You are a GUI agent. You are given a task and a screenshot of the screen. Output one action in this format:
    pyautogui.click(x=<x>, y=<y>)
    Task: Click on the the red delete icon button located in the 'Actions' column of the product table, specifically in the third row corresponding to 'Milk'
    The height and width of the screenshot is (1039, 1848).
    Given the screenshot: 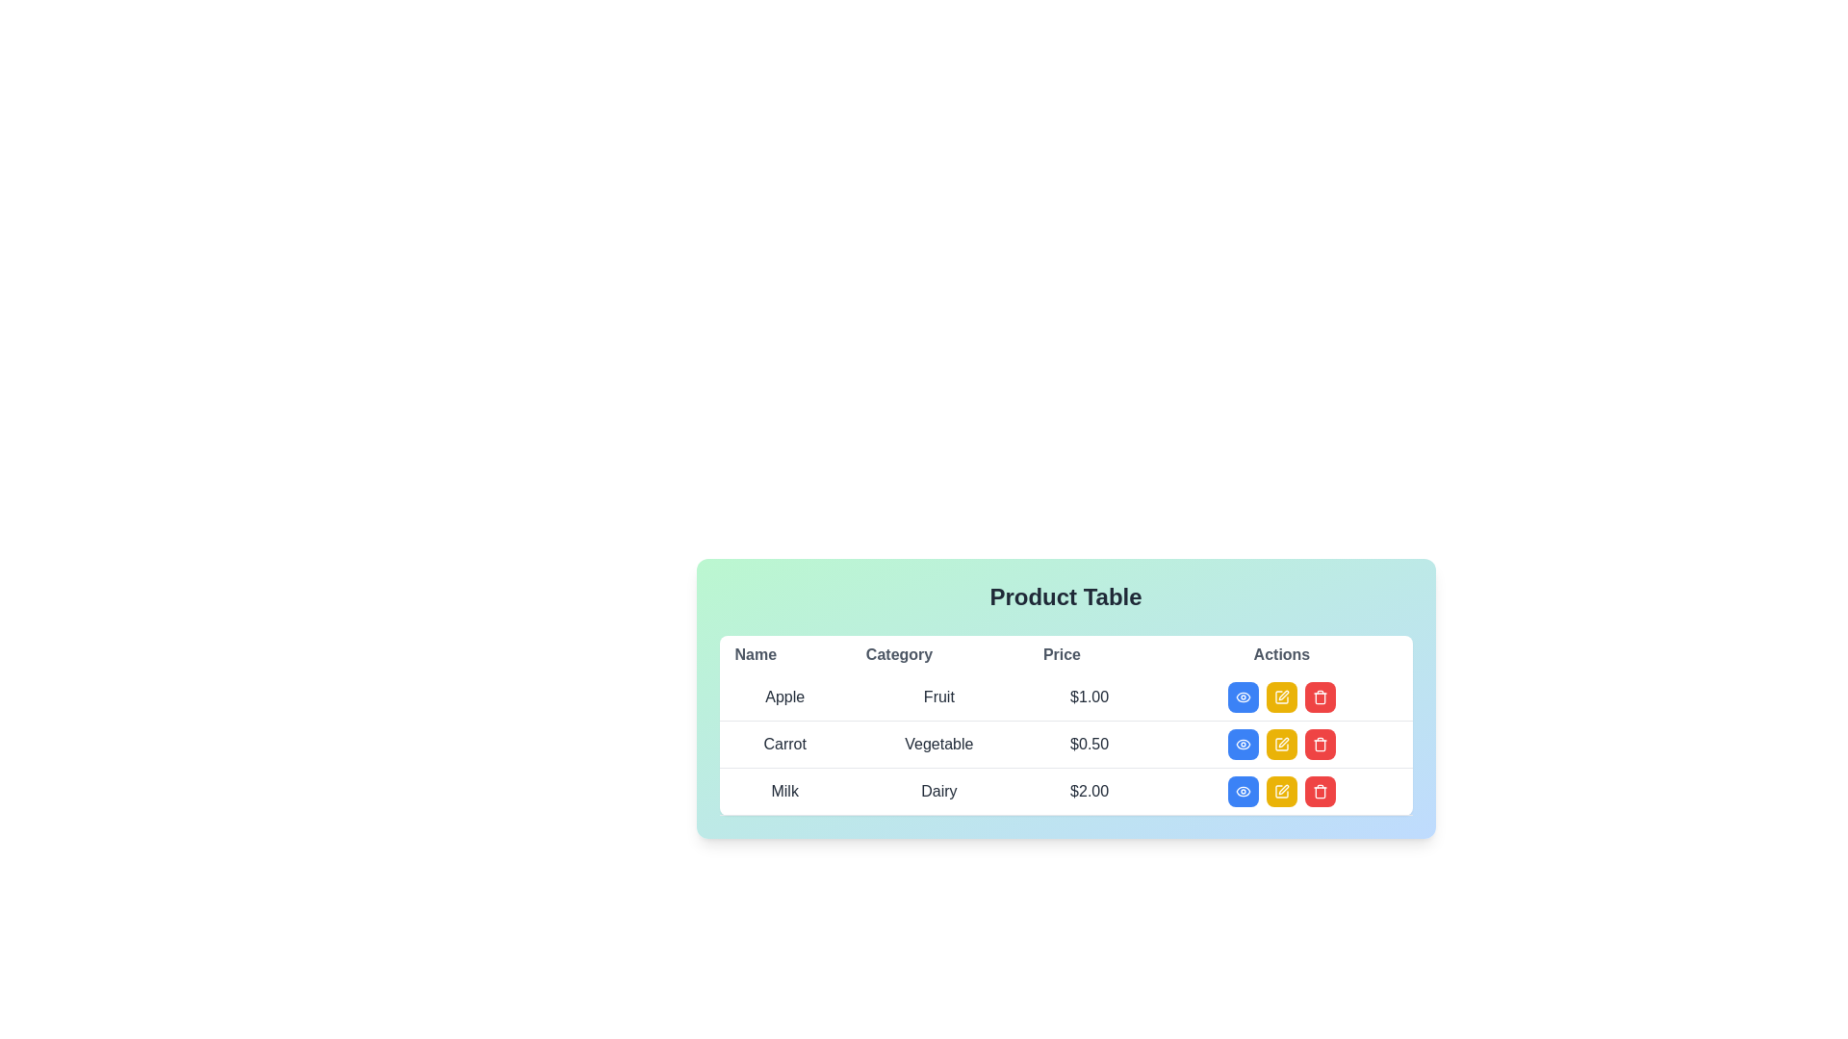 What is the action you would take?
    pyautogui.click(x=1319, y=697)
    